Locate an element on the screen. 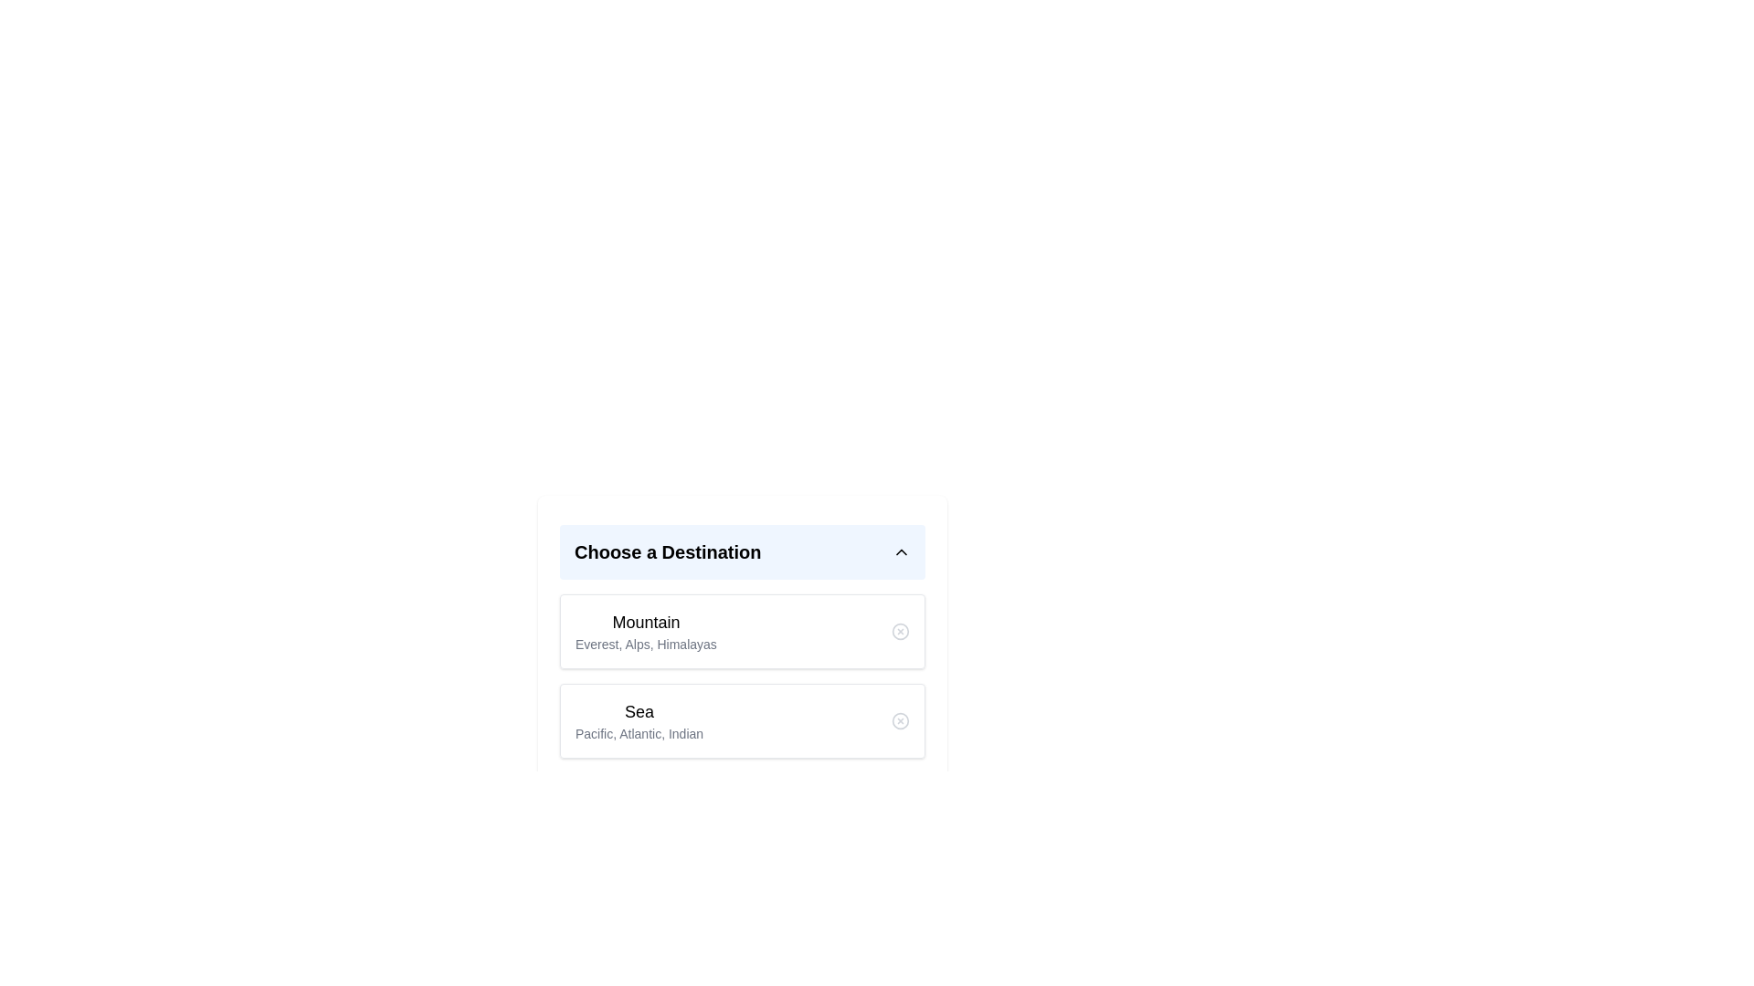 The width and height of the screenshot is (1754, 986). the text label displaying mountain names, which is positioned directly underneath the 'Mountain' text in the 'Choose a Destination' section is located at coordinates (646, 643).